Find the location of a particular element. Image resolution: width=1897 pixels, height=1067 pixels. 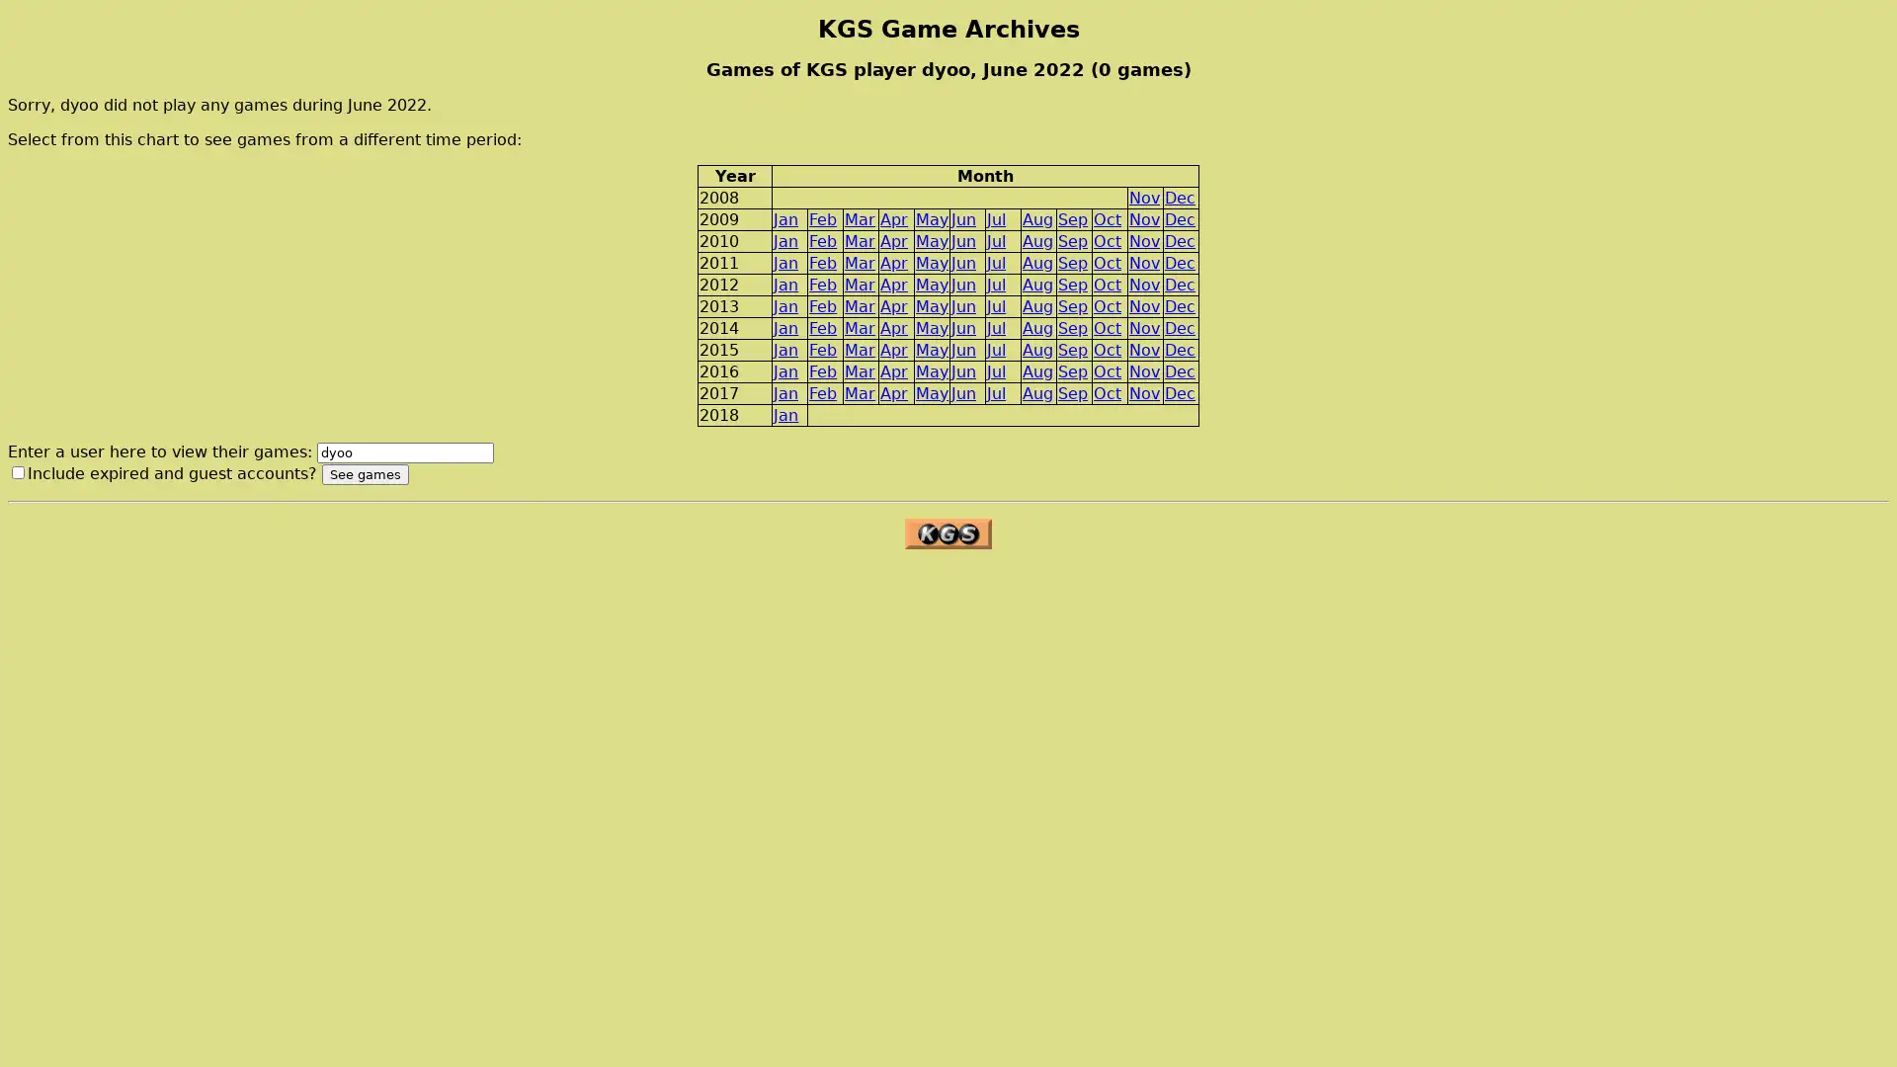

See games is located at coordinates (365, 474).